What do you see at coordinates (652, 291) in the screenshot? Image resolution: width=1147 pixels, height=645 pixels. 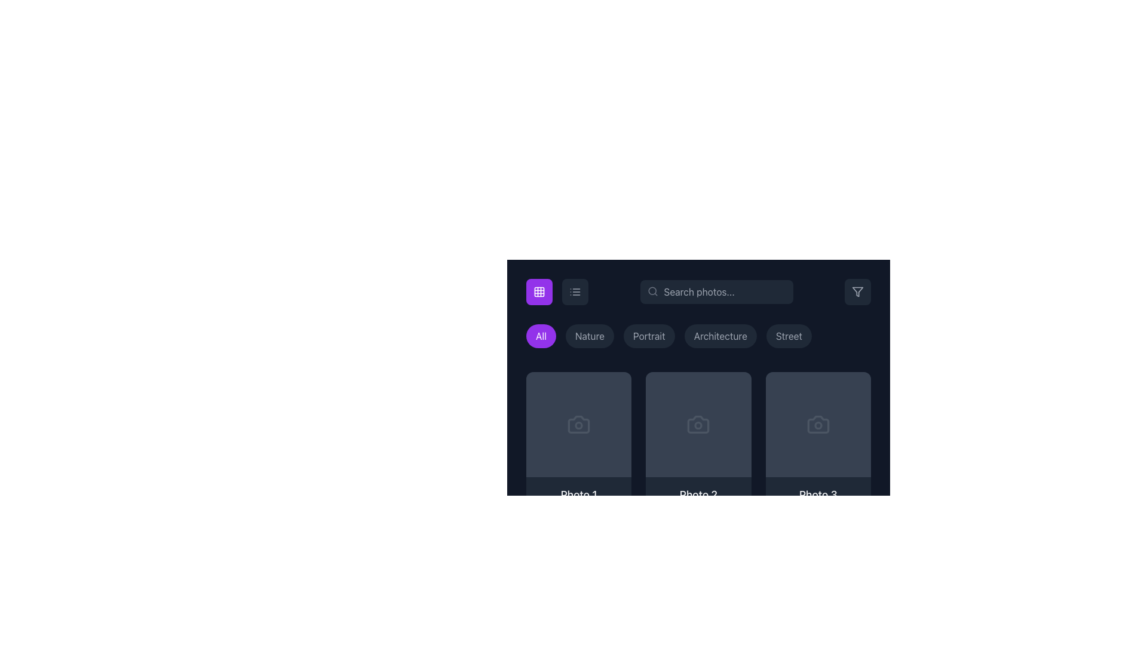 I see `the magnifying glass icon representing search functionality, located at the left edge of the search bar's text input field` at bounding box center [652, 291].